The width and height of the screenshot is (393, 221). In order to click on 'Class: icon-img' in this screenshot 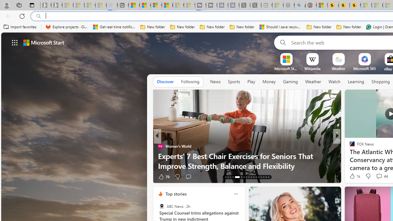, I will do `click(235, 194)`.